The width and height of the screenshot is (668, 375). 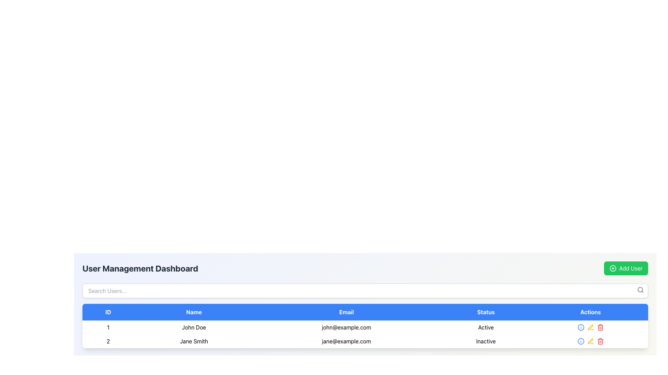 I want to click on the 'Add User' button, which features a green background and white text, located at the top-right corner of the dashboard, containing a central circle within an SVG as part of a plus icon, so click(x=613, y=268).